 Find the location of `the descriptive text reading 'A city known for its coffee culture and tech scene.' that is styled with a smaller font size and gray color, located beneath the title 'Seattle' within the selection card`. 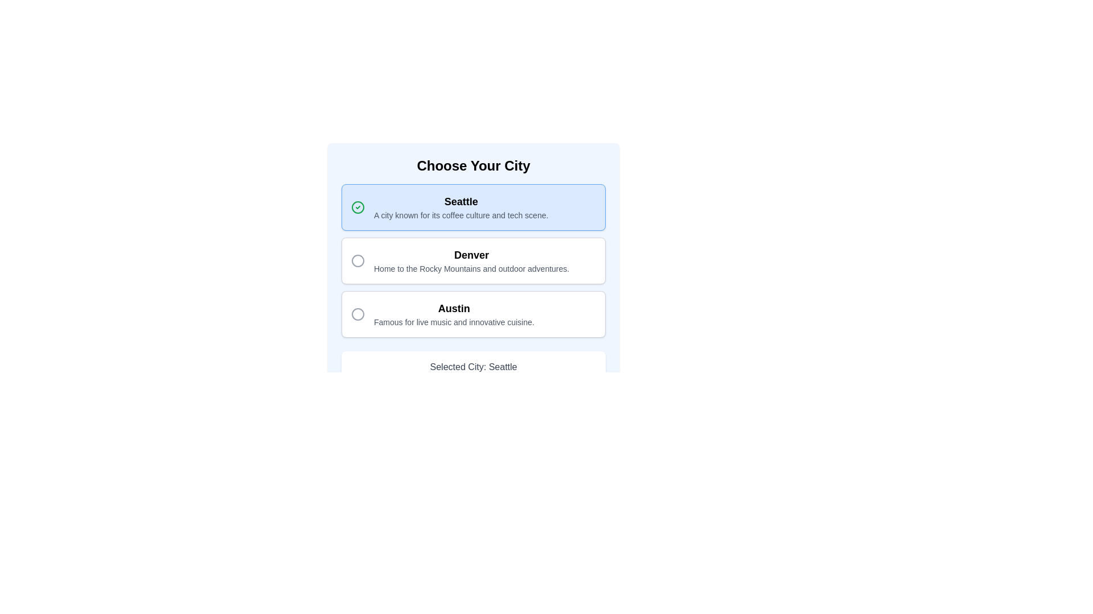

the descriptive text reading 'A city known for its coffee culture and tech scene.' that is styled with a smaller font size and gray color, located beneath the title 'Seattle' within the selection card is located at coordinates (461, 215).